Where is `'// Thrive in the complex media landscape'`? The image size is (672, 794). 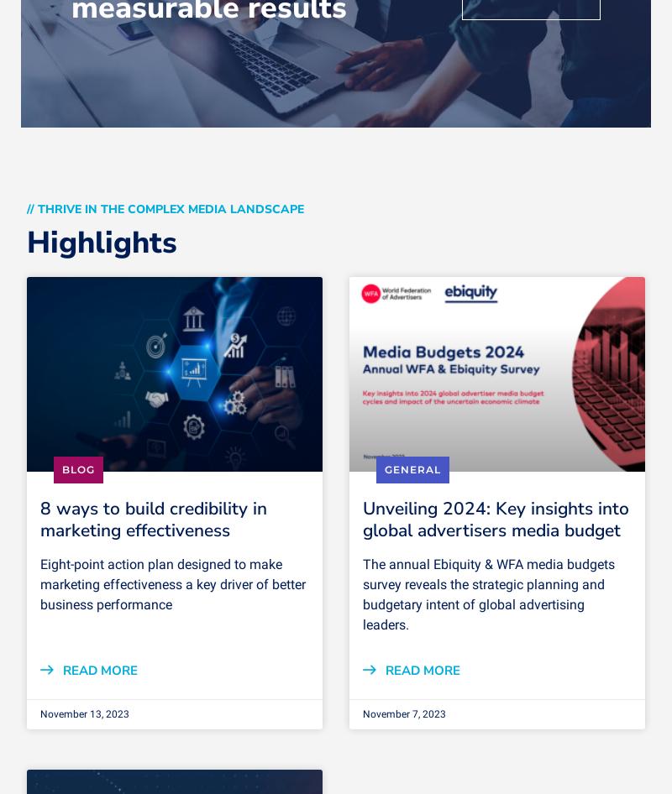
'// Thrive in the complex media landscape' is located at coordinates (164, 208).